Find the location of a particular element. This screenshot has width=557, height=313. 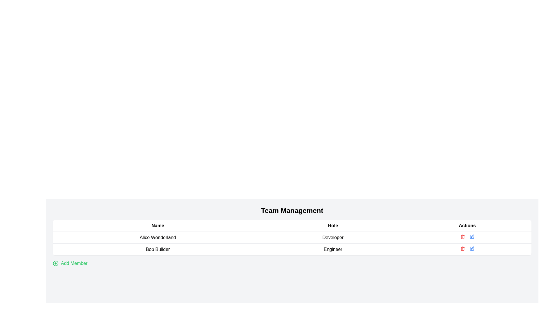

the delete icon within the 'Actions' column of the row corresponding to 'Bob Builder' is located at coordinates (462, 249).